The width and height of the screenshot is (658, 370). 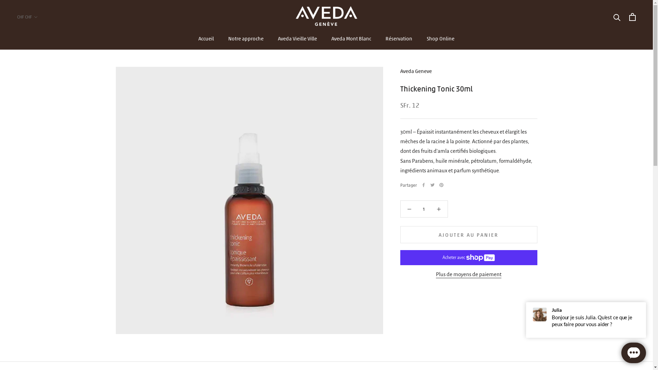 What do you see at coordinates (206, 38) in the screenshot?
I see `'Accueil` at bounding box center [206, 38].